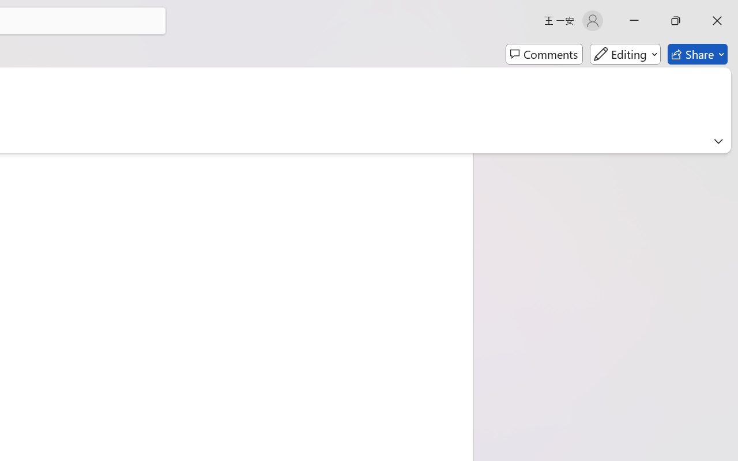 This screenshot has height=461, width=738. What do you see at coordinates (624, 54) in the screenshot?
I see `'Mode'` at bounding box center [624, 54].